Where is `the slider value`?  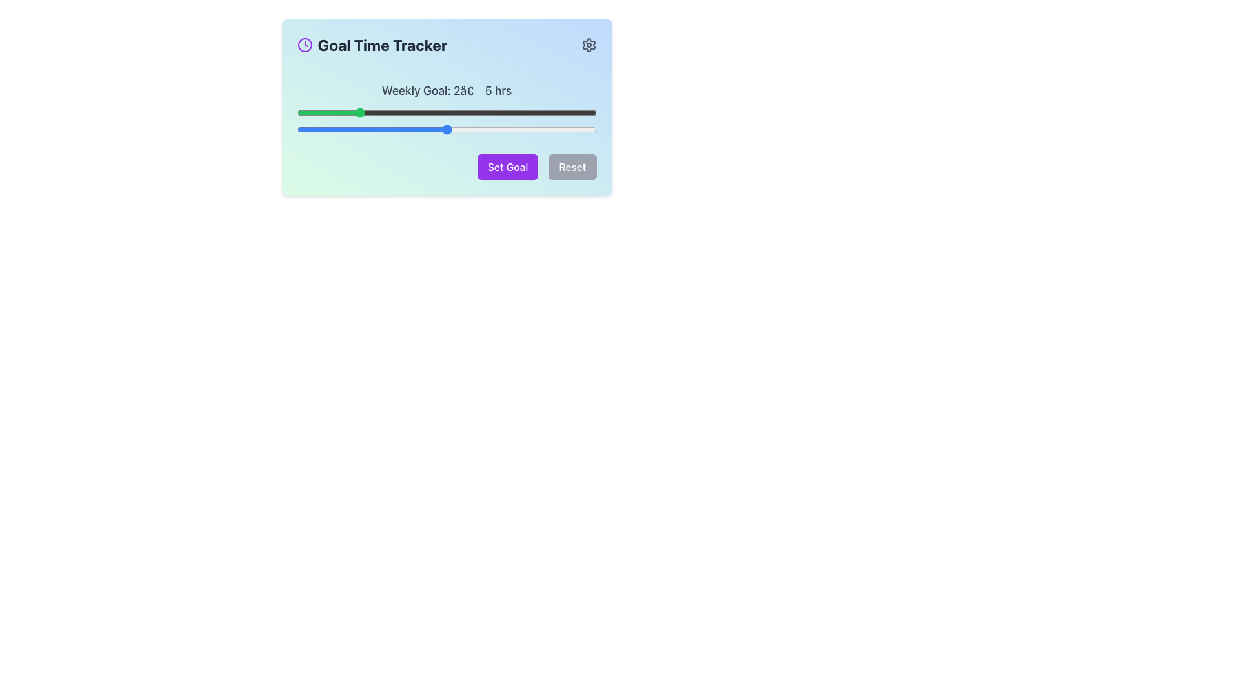
the slider value is located at coordinates (476, 129).